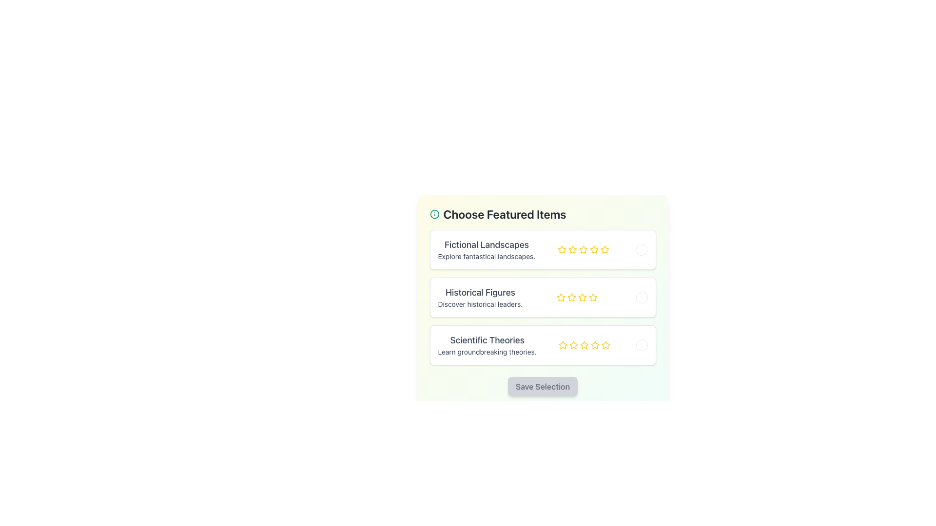 This screenshot has width=936, height=526. I want to click on the fourth star from the left in the rating section for 'Scientific Theories' at the bottom of the list, so click(584, 345).